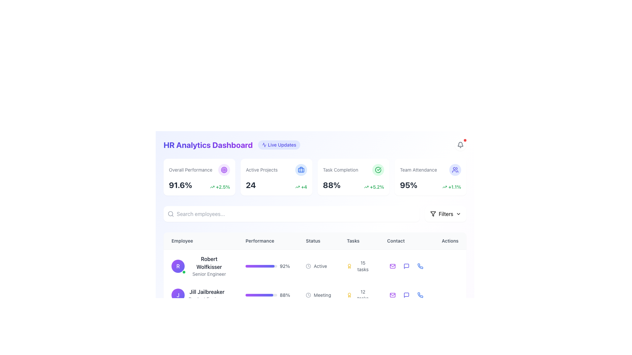 This screenshot has height=355, width=632. Describe the element at coordinates (420, 266) in the screenshot. I see `the third button in the horizontal series of action buttons in the 'Actions' column of the employee table, which is intended to initiate a phone call or perform a phone-related action` at that location.